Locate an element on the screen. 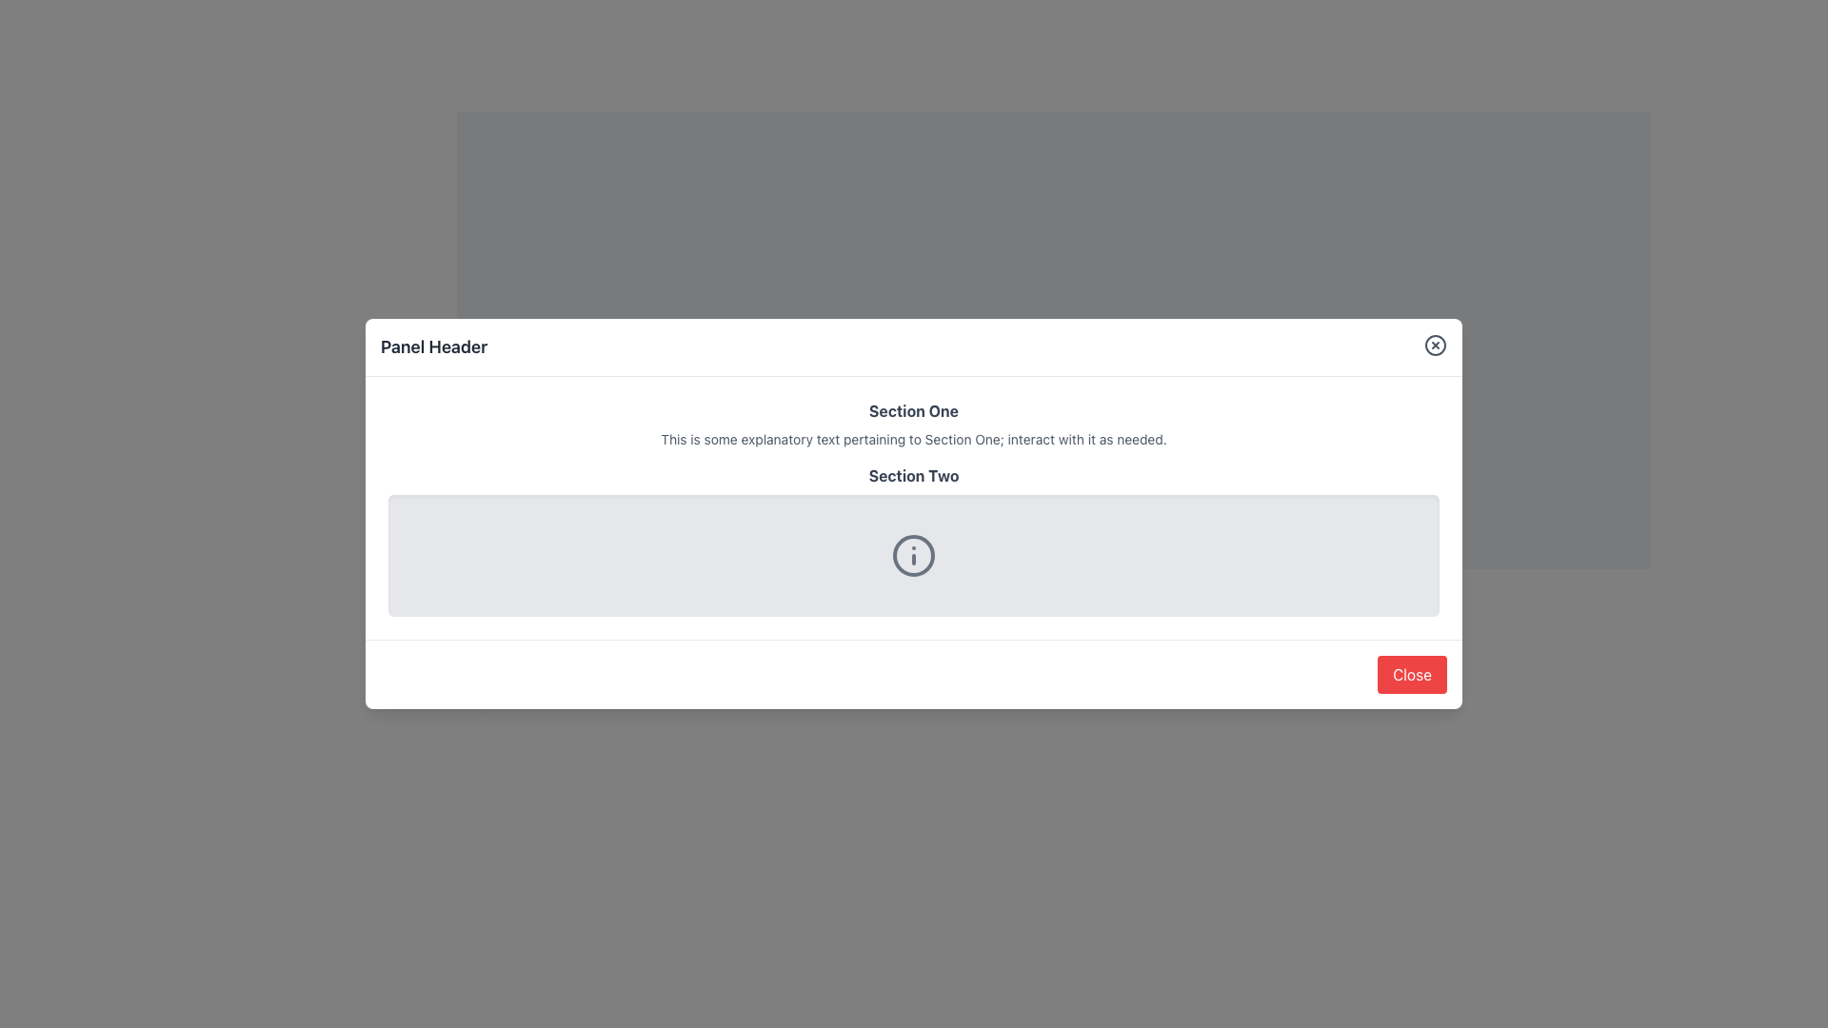  the text label that serves as a title or header for the panel, located in the upper section aligned to the left is located at coordinates (433, 347).